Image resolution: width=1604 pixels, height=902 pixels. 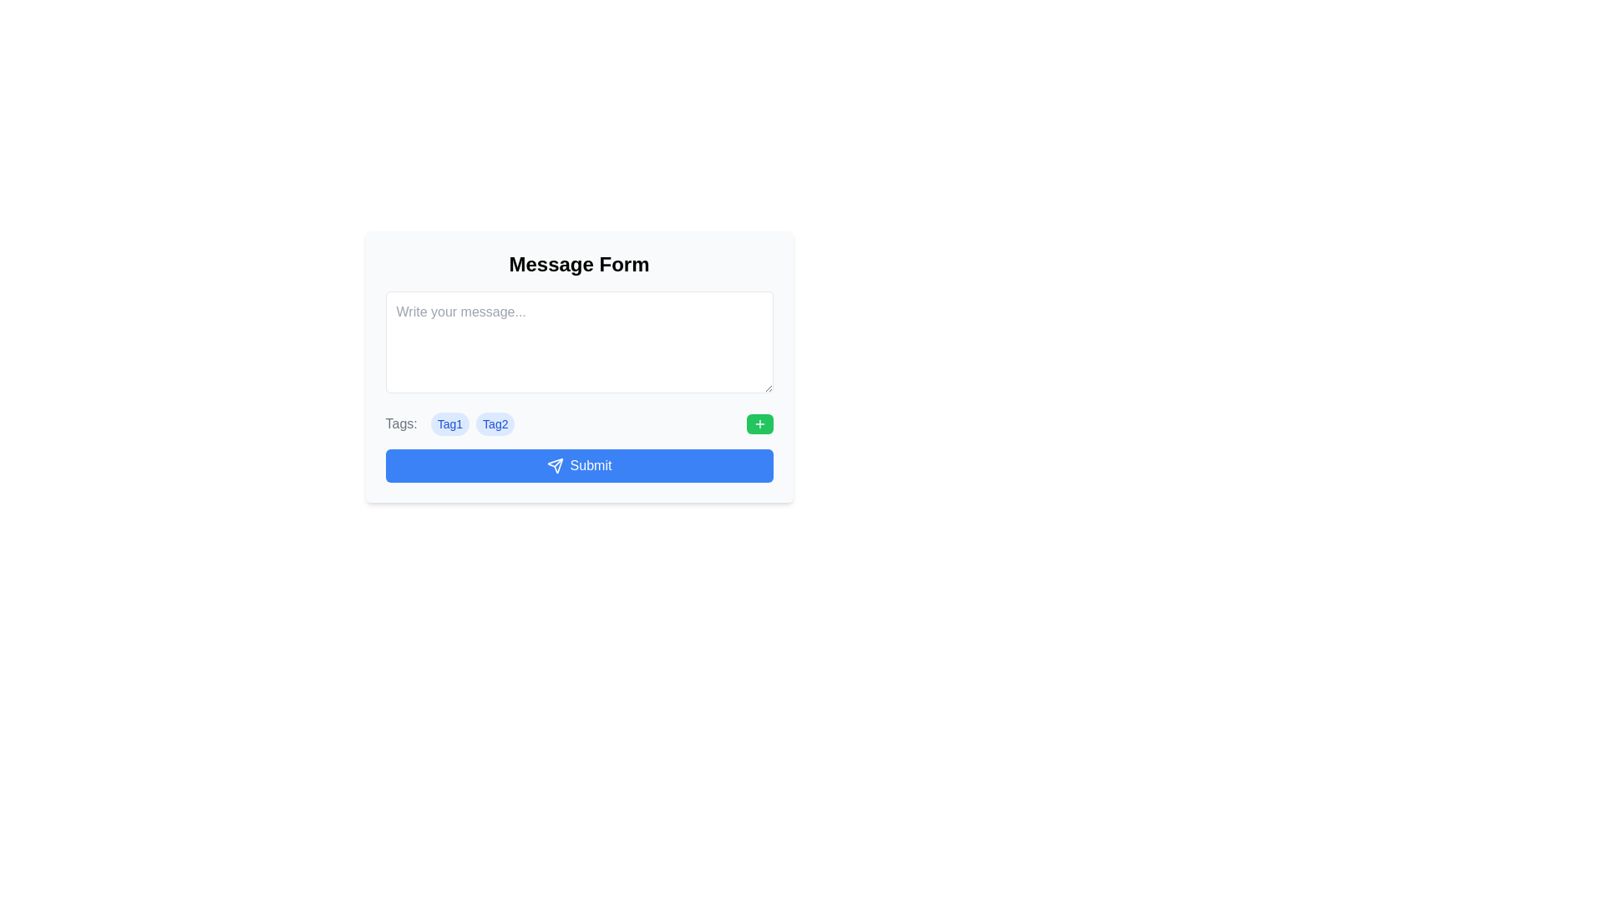 What do you see at coordinates (472, 423) in the screenshot?
I see `the tag group displaying 'Tag1' and 'Tag2' to associate the tags with the form context` at bounding box center [472, 423].